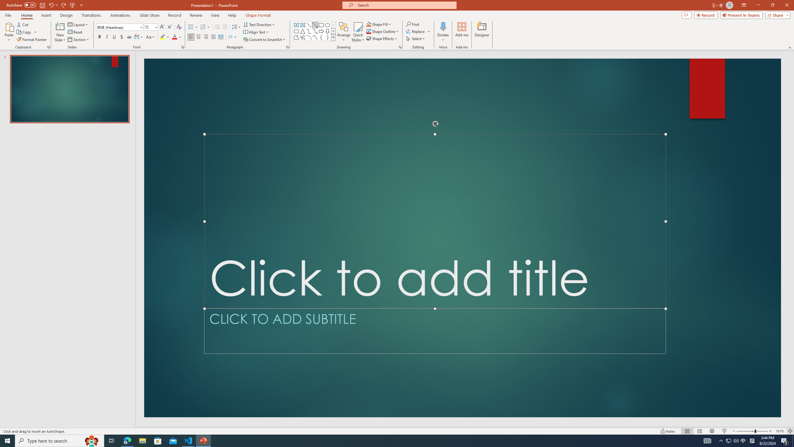  What do you see at coordinates (780, 431) in the screenshot?
I see `'Zoom 161%'` at bounding box center [780, 431].